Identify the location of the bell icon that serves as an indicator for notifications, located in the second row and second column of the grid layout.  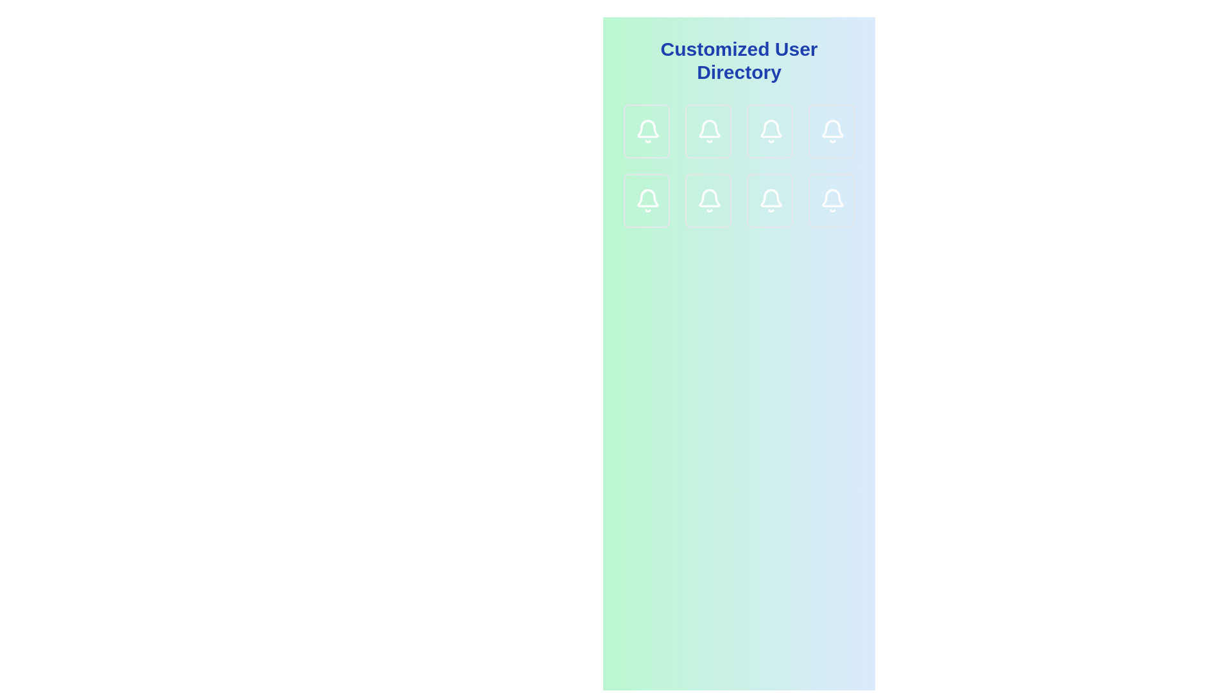
(708, 200).